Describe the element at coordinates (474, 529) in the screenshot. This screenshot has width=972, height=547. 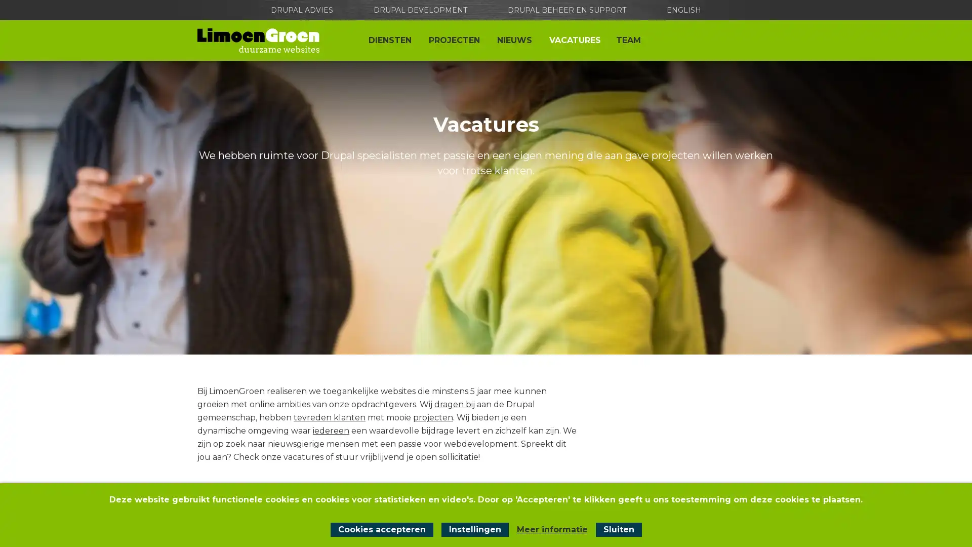
I see `Instellingen` at that location.